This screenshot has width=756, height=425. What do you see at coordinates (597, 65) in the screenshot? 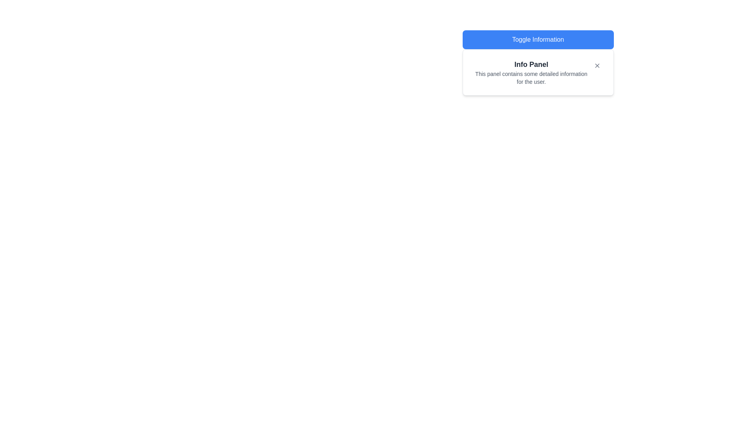
I see `the small button with a gray cross icon located at the top-right corner of the 'Info Panel' box to invoke an action` at bounding box center [597, 65].